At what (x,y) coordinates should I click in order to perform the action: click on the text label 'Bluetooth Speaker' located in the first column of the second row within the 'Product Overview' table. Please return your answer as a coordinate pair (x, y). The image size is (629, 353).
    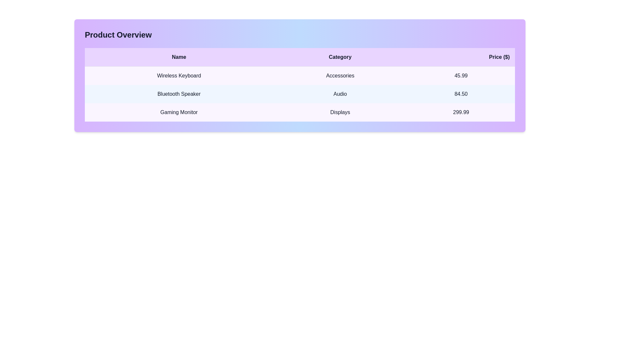
    Looking at the image, I should click on (179, 94).